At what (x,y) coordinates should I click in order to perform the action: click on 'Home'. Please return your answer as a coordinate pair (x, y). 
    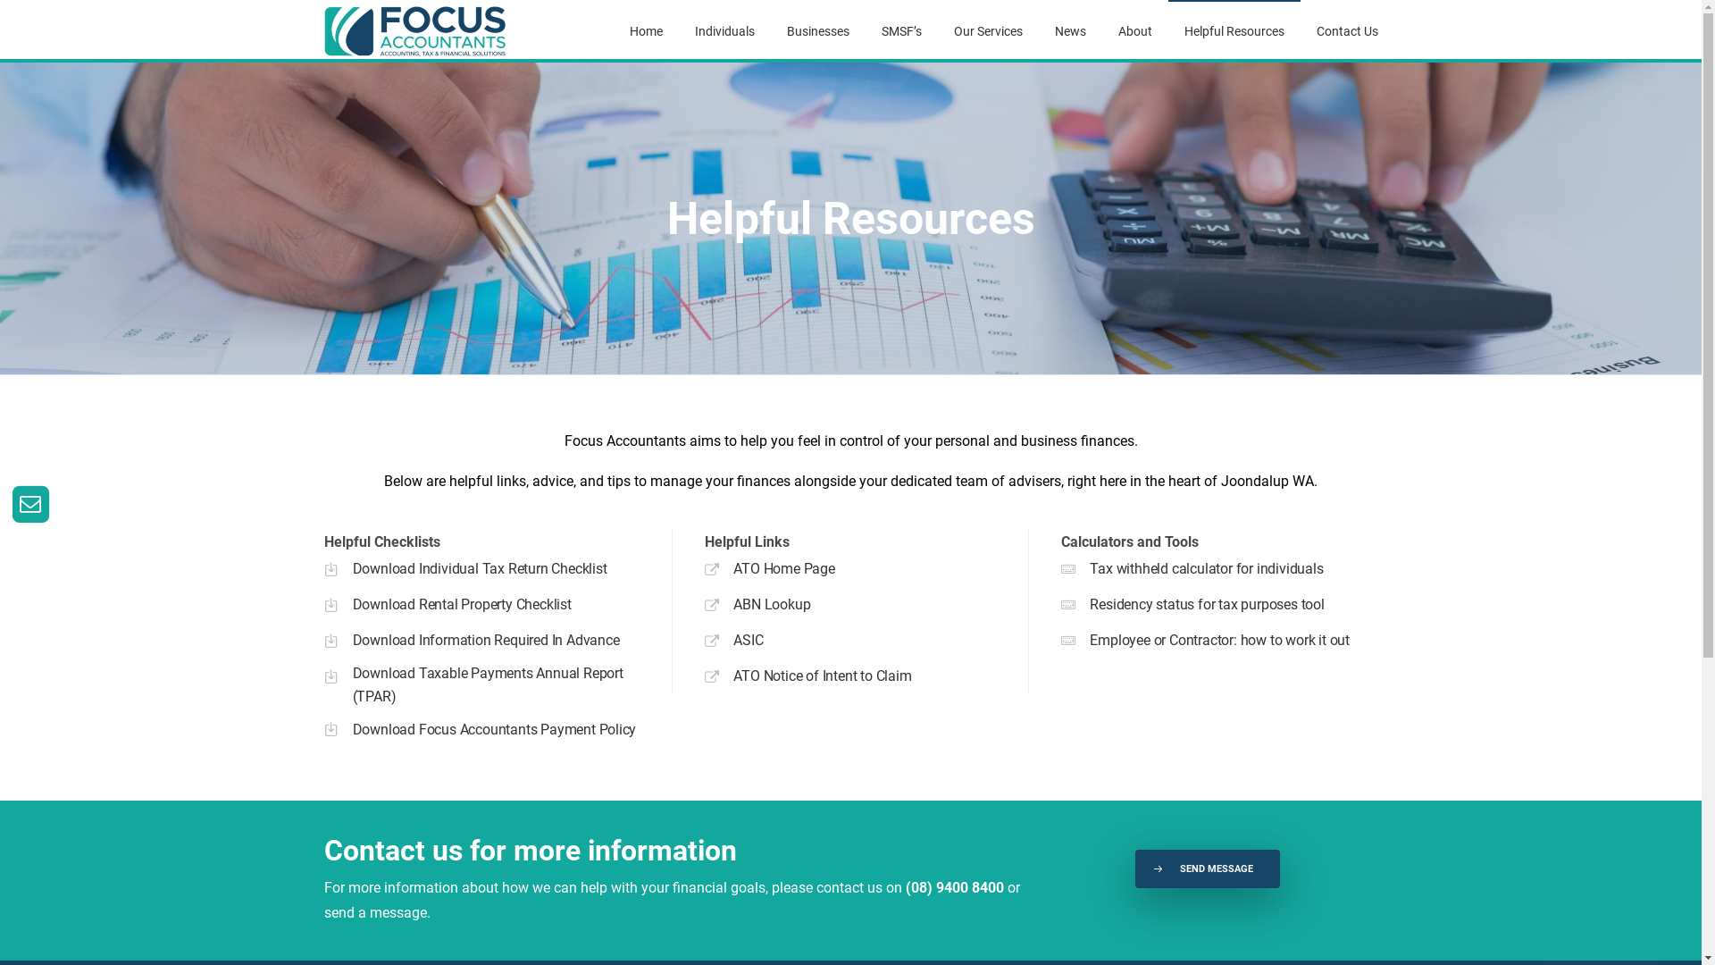
    Looking at the image, I should click on (644, 30).